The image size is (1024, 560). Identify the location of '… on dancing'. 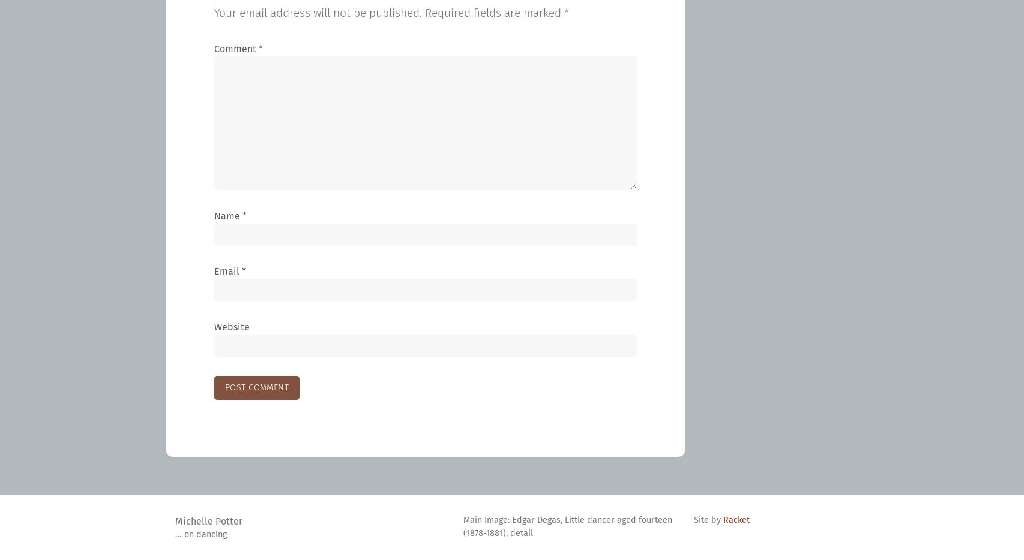
(201, 534).